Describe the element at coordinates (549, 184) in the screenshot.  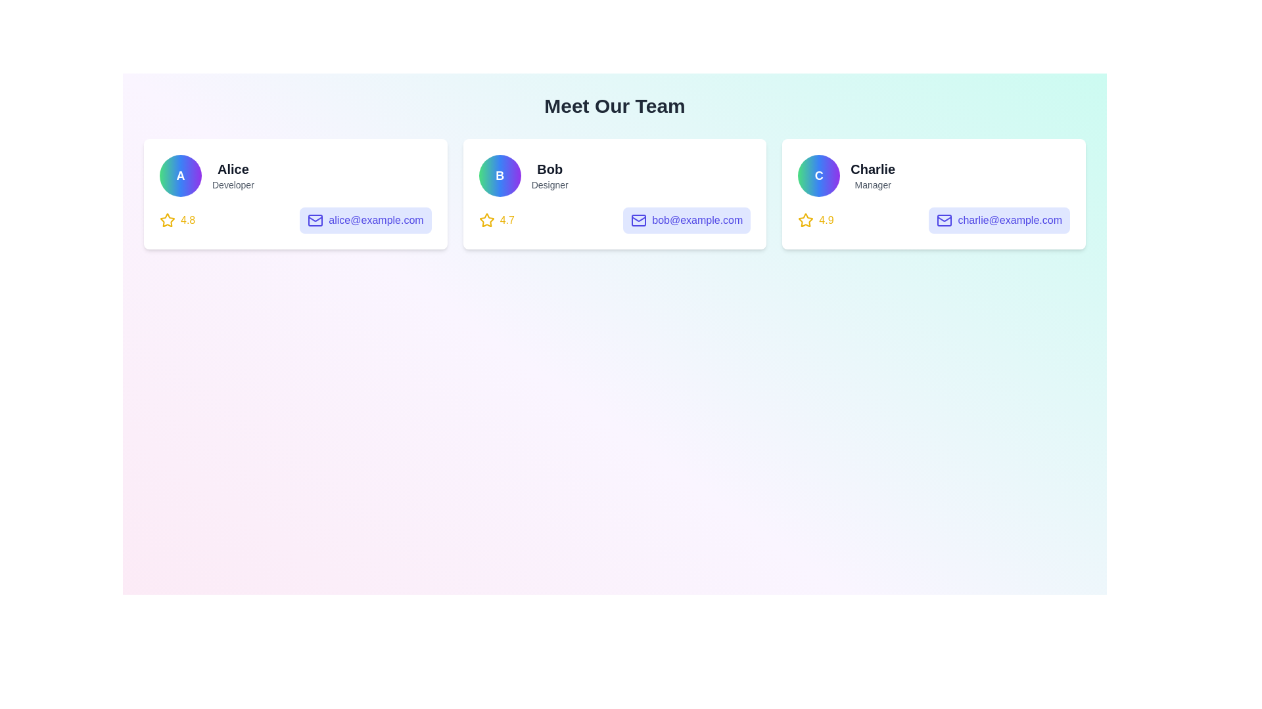
I see `the text label 'Designer' that indicates the role of the person named 'Bob' in the 'Meet Our Team' section` at that location.